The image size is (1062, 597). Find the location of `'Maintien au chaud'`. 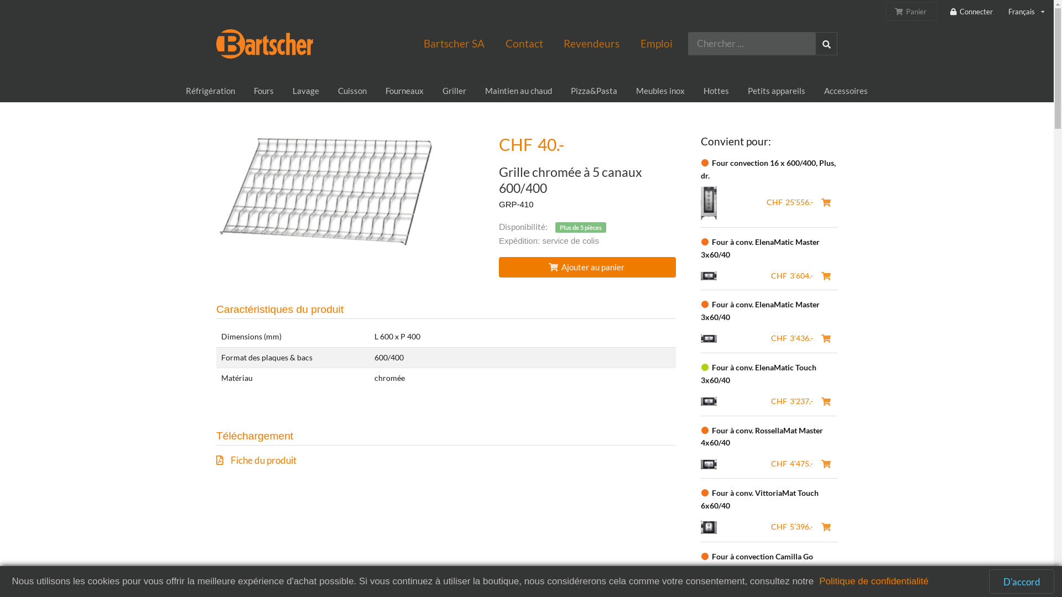

'Maintien au chaud' is located at coordinates (475, 91).